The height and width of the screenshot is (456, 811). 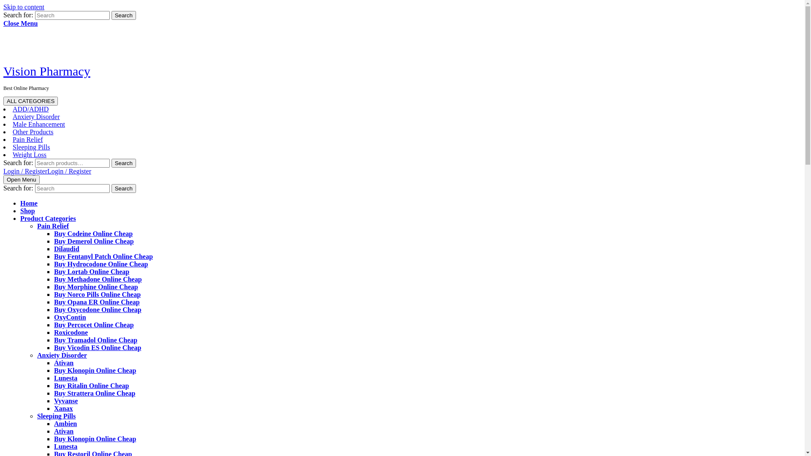 What do you see at coordinates (33, 132) in the screenshot?
I see `'Other Products'` at bounding box center [33, 132].